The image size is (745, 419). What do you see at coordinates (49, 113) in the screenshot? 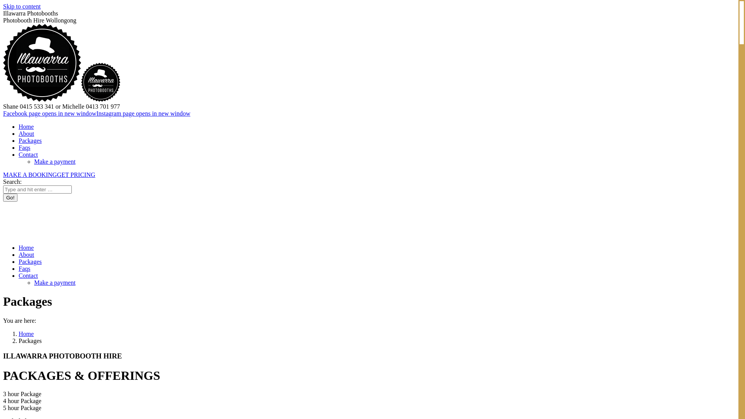
I see `'Facebook page opens in new window'` at bounding box center [49, 113].